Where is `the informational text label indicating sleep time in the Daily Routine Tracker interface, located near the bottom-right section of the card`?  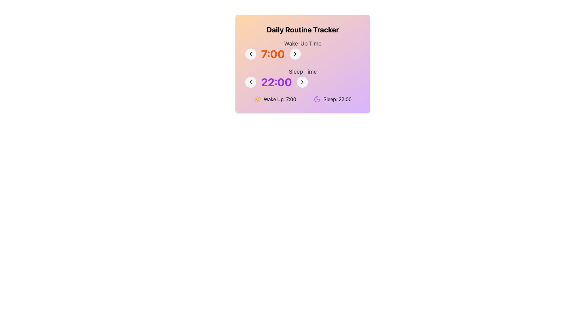
the informational text label indicating sleep time in the Daily Routine Tracker interface, located near the bottom-right section of the card is located at coordinates (337, 99).